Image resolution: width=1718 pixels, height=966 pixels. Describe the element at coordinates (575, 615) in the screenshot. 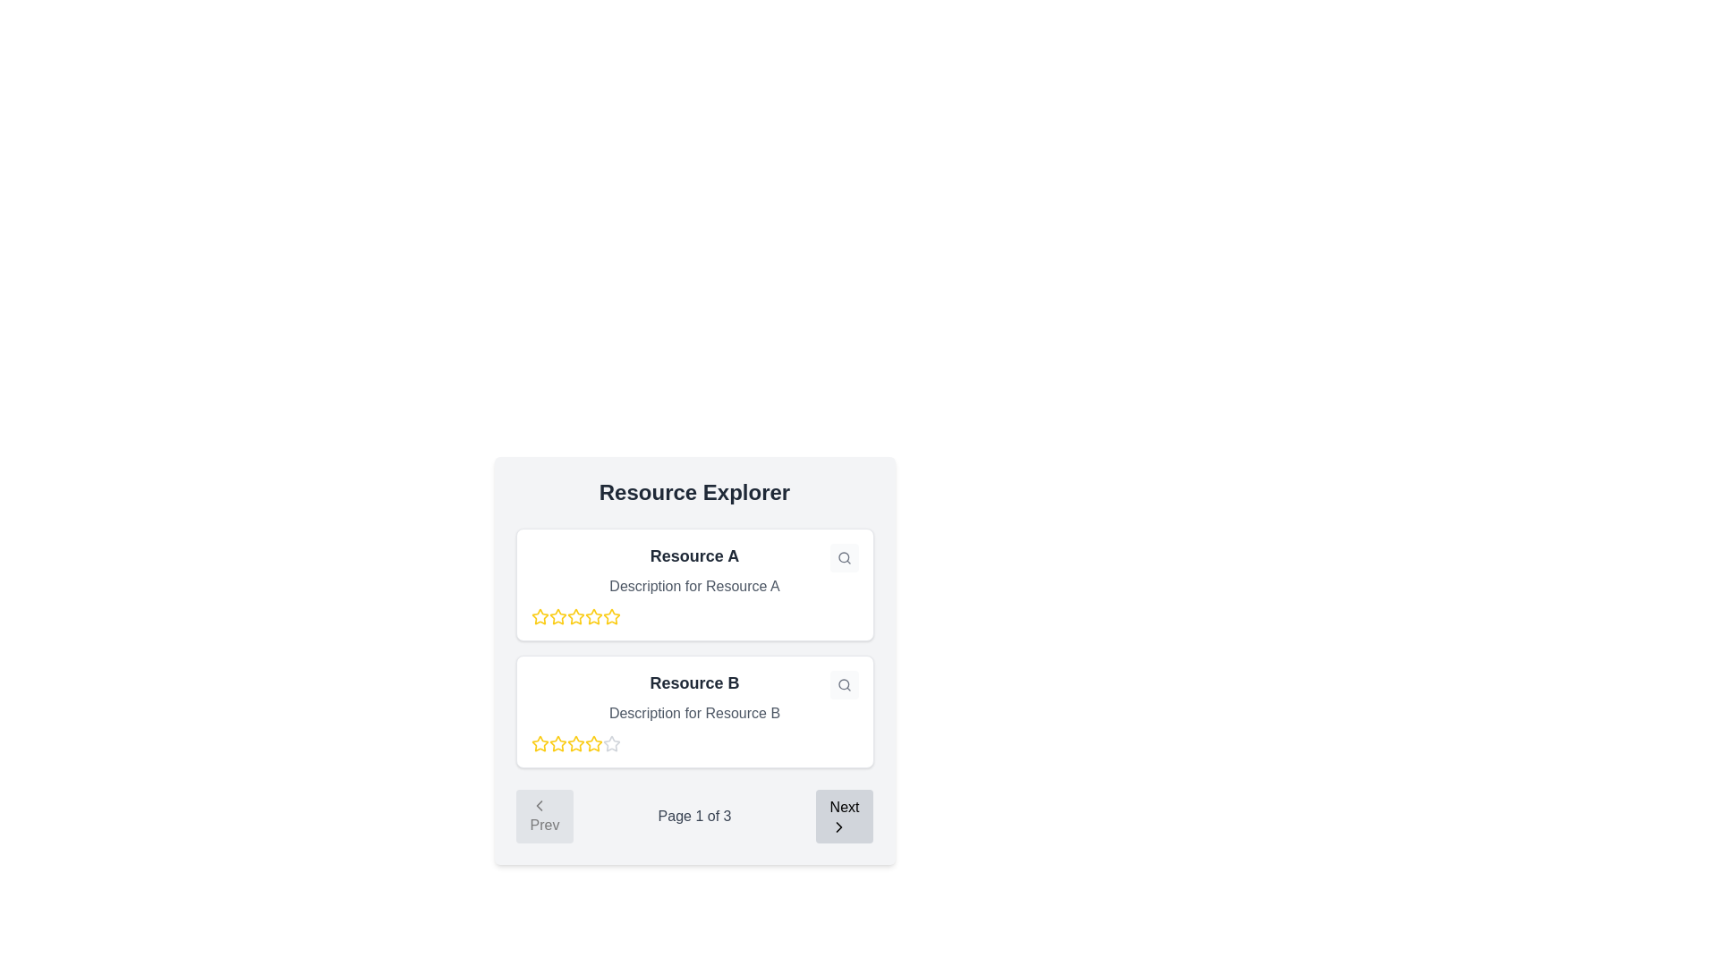

I see `the second star icon from the left` at that location.